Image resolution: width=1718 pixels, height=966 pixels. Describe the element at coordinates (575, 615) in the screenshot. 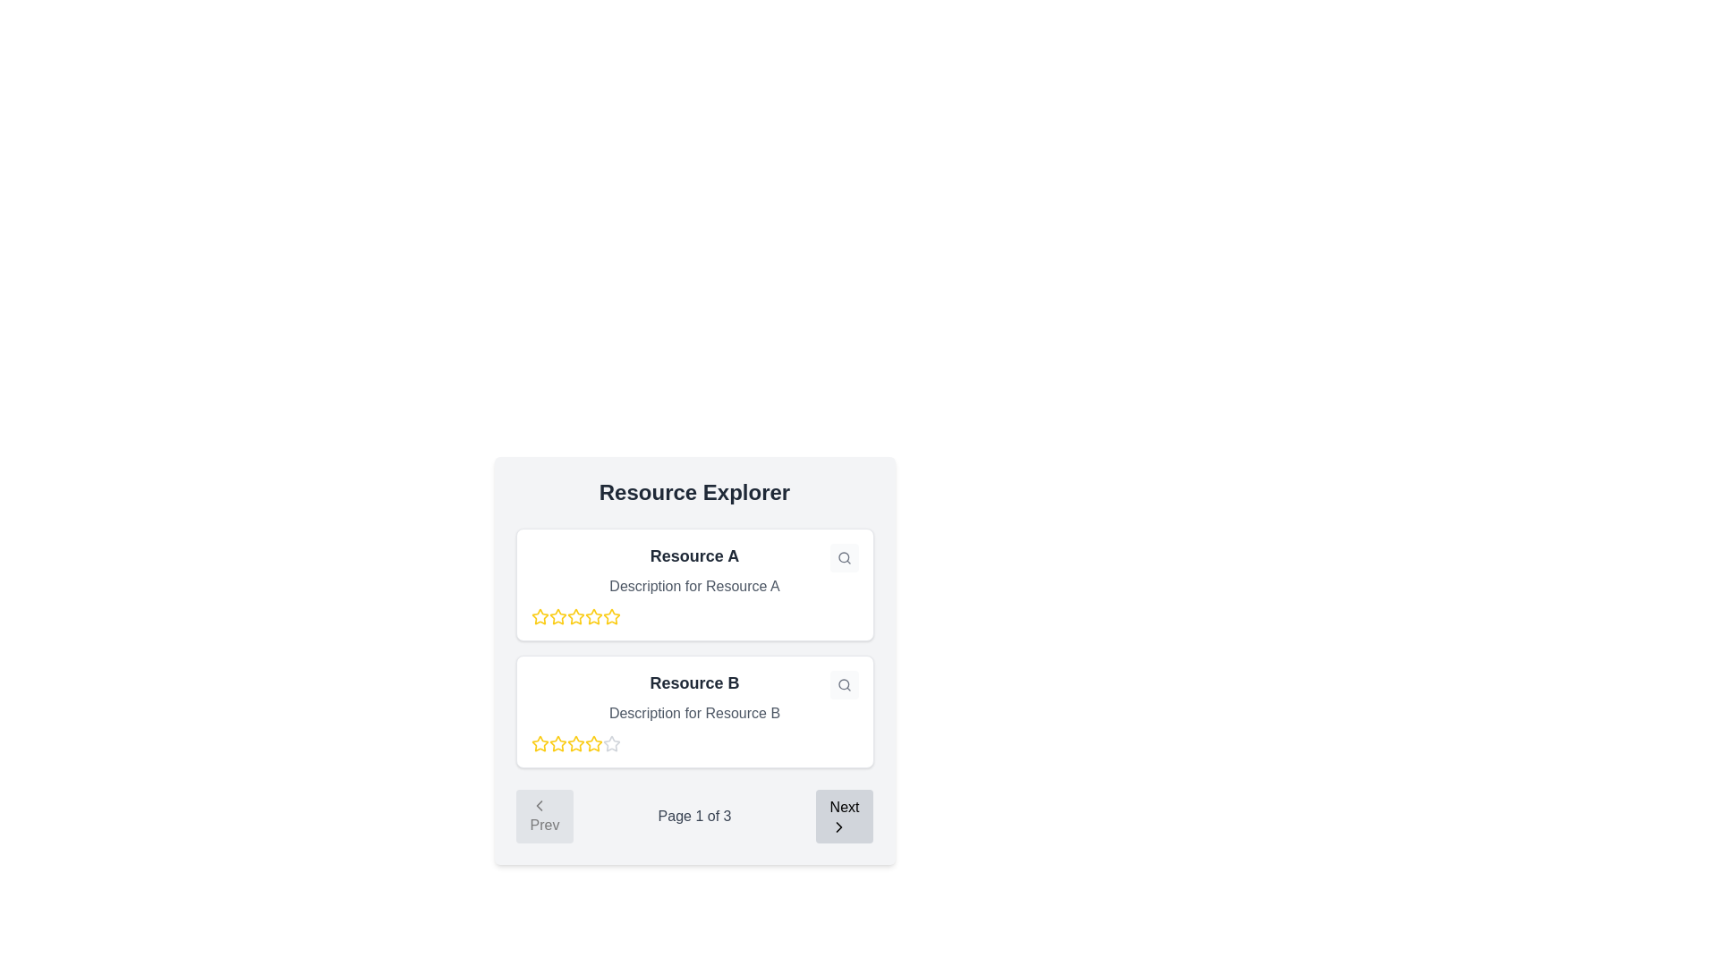

I see `the second star icon from the left` at that location.